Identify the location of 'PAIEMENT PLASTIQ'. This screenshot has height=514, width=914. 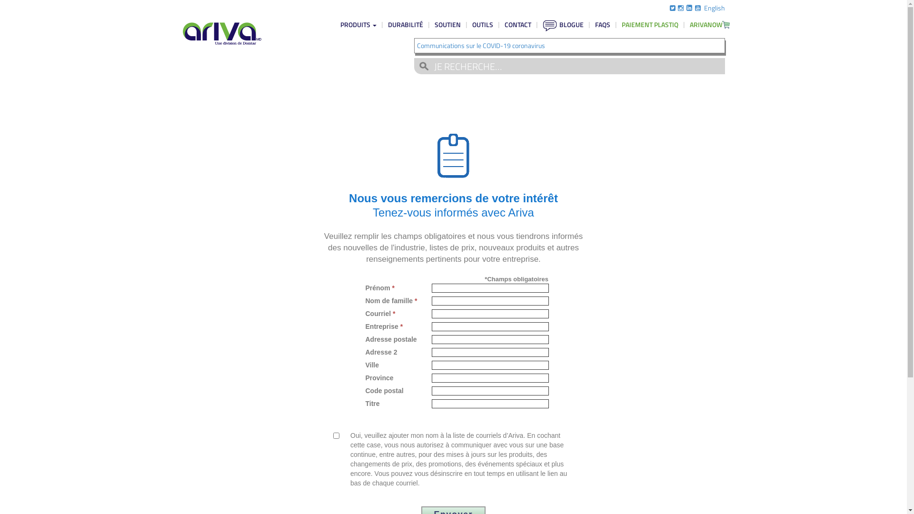
(649, 24).